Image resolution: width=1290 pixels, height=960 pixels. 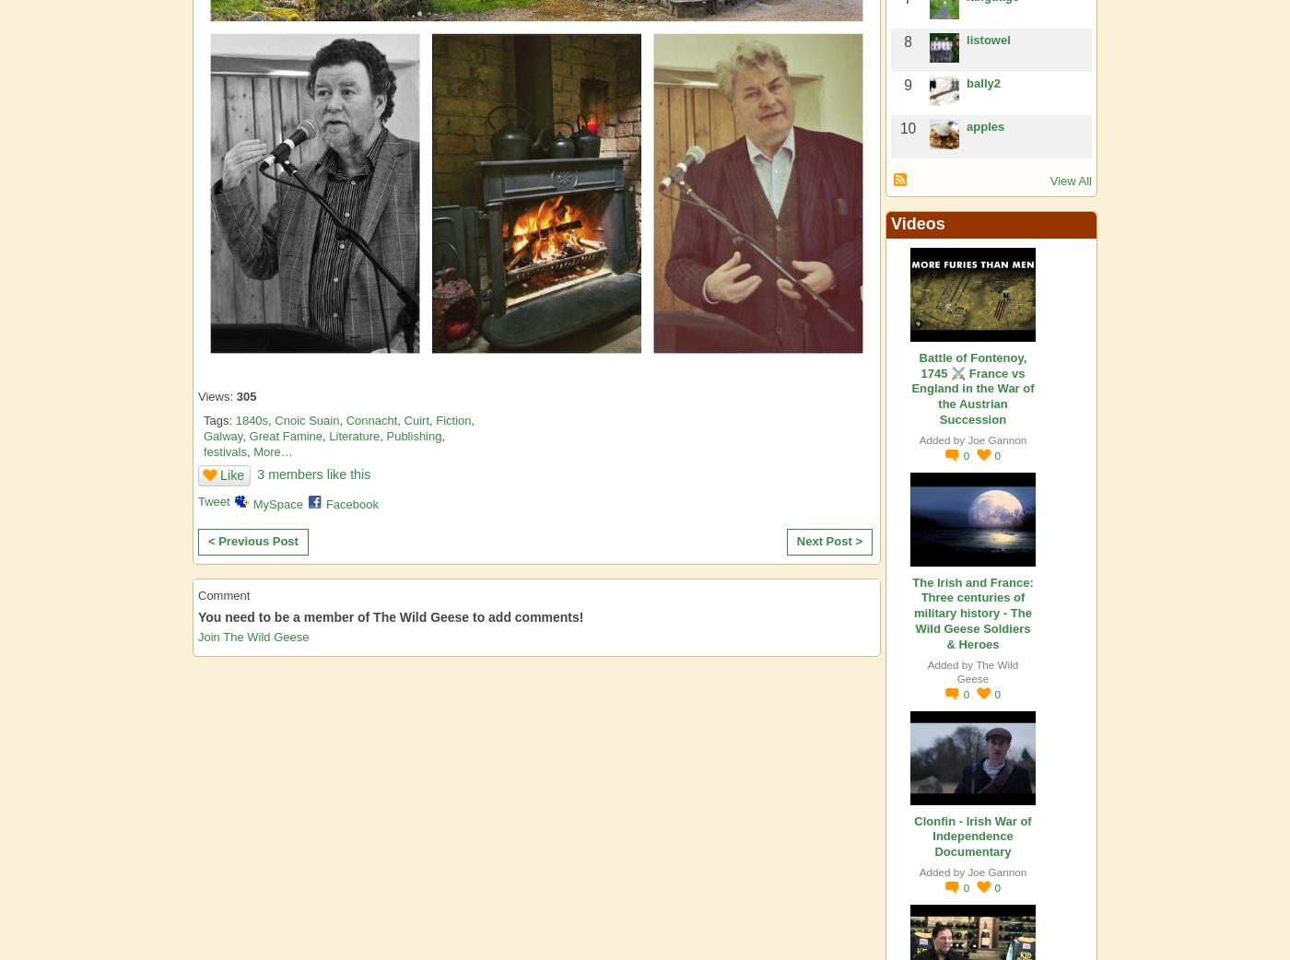 What do you see at coordinates (224, 451) in the screenshot?
I see `'festivals'` at bounding box center [224, 451].